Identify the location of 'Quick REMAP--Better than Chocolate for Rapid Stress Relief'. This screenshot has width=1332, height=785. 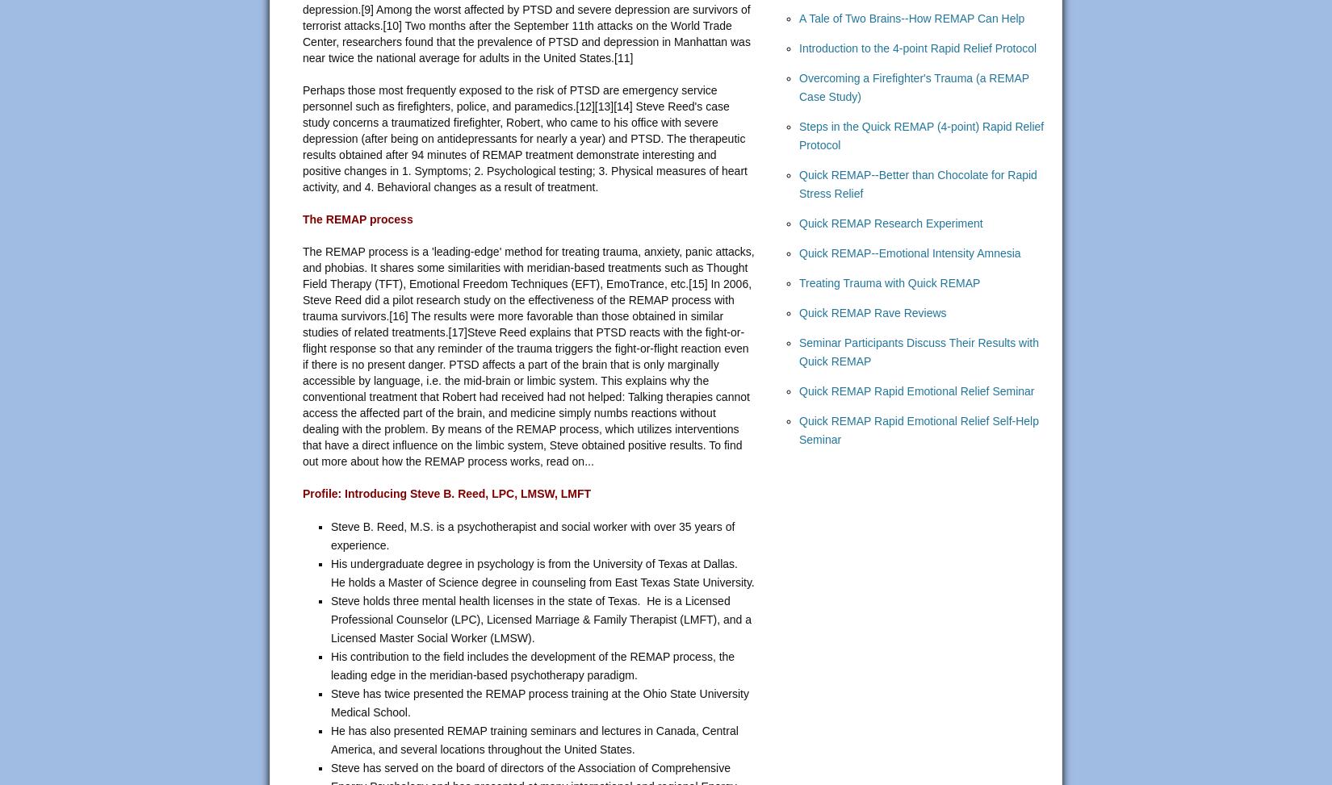
(918, 183).